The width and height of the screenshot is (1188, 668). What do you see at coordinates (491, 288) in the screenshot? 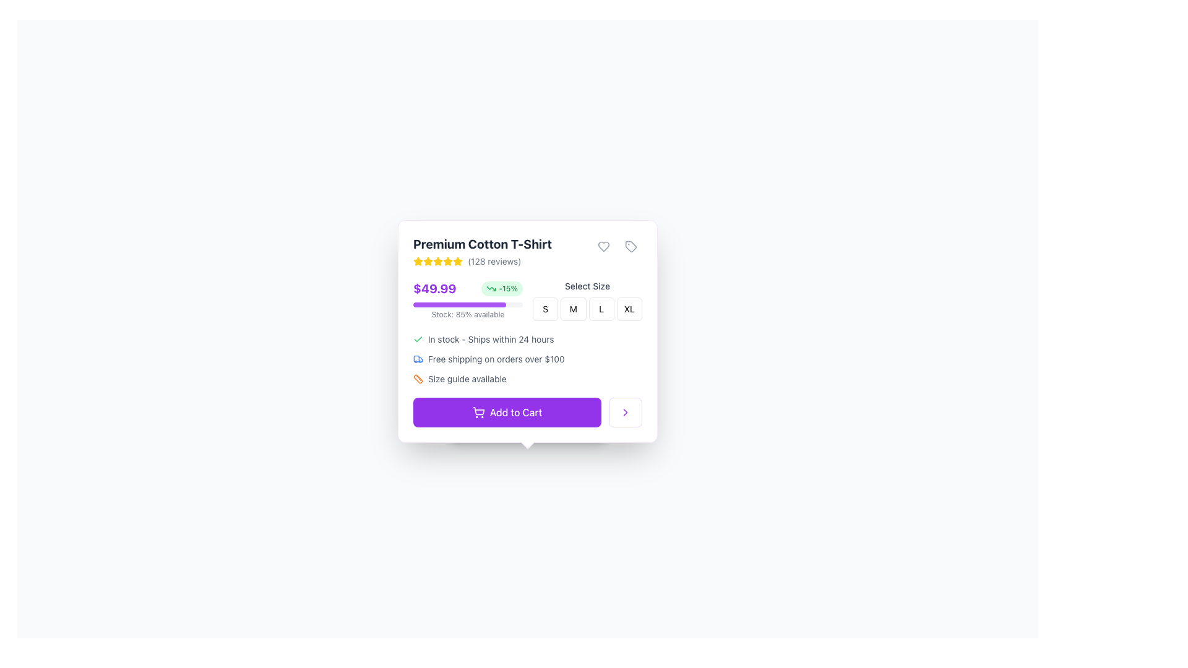
I see `the discount icon that indicates a decrease in value, located to the left of the '-15%' text within a green circular badge` at bounding box center [491, 288].